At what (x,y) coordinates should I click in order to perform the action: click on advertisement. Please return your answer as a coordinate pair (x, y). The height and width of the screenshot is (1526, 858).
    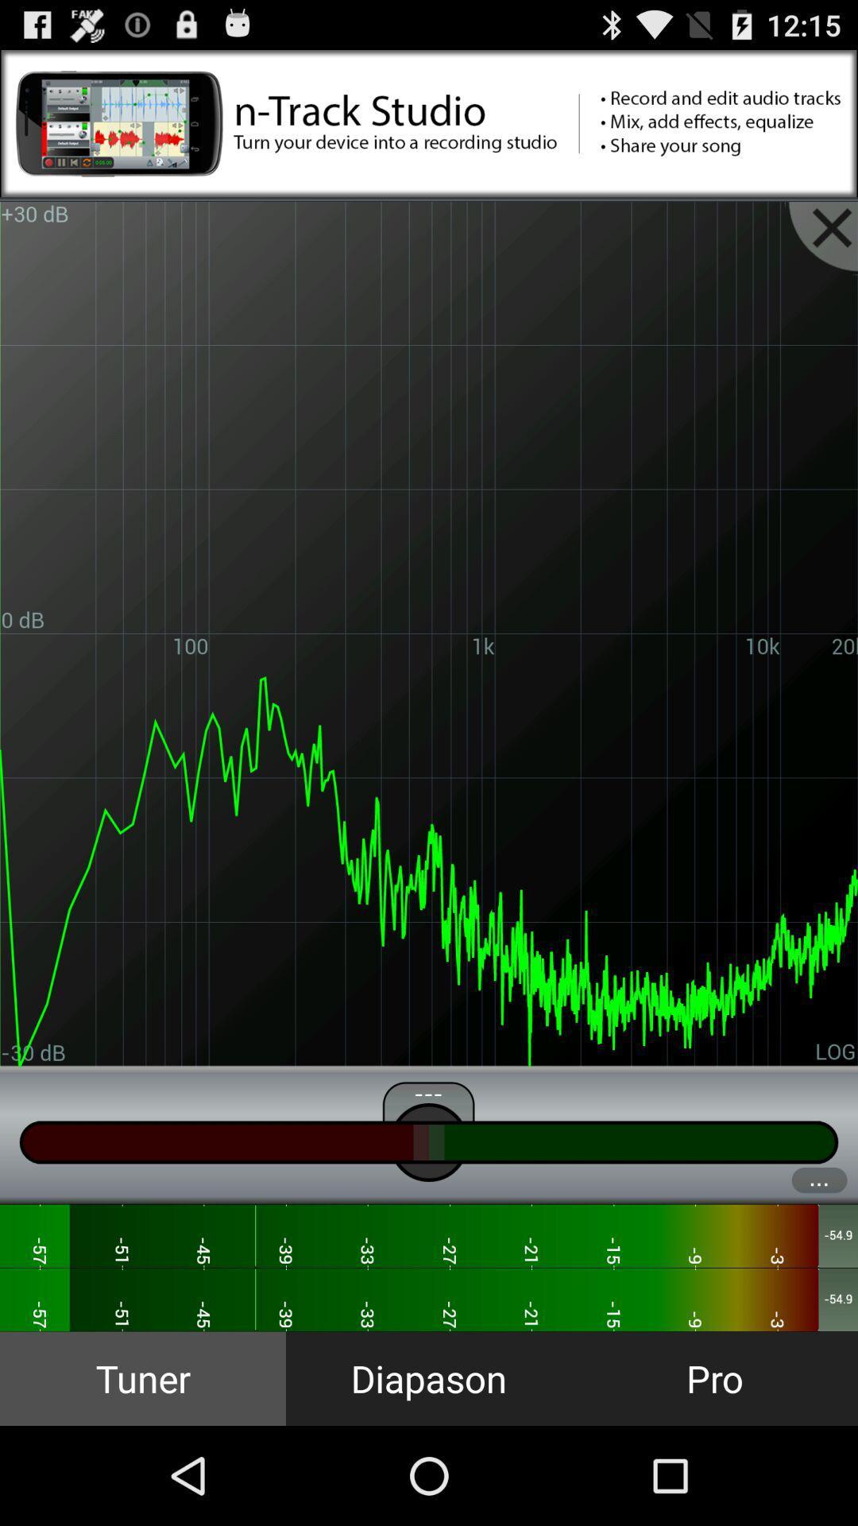
    Looking at the image, I should click on (429, 122).